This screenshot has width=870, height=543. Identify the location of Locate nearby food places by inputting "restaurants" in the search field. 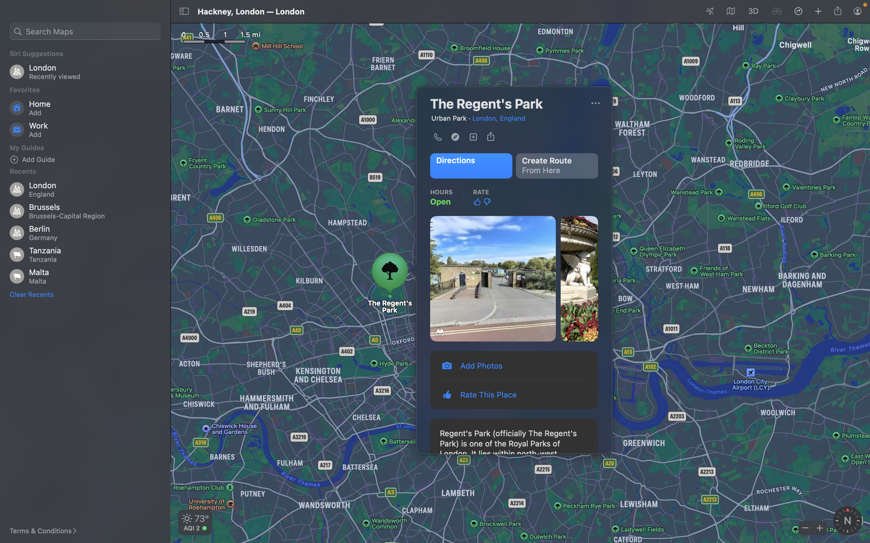
(84, 30).